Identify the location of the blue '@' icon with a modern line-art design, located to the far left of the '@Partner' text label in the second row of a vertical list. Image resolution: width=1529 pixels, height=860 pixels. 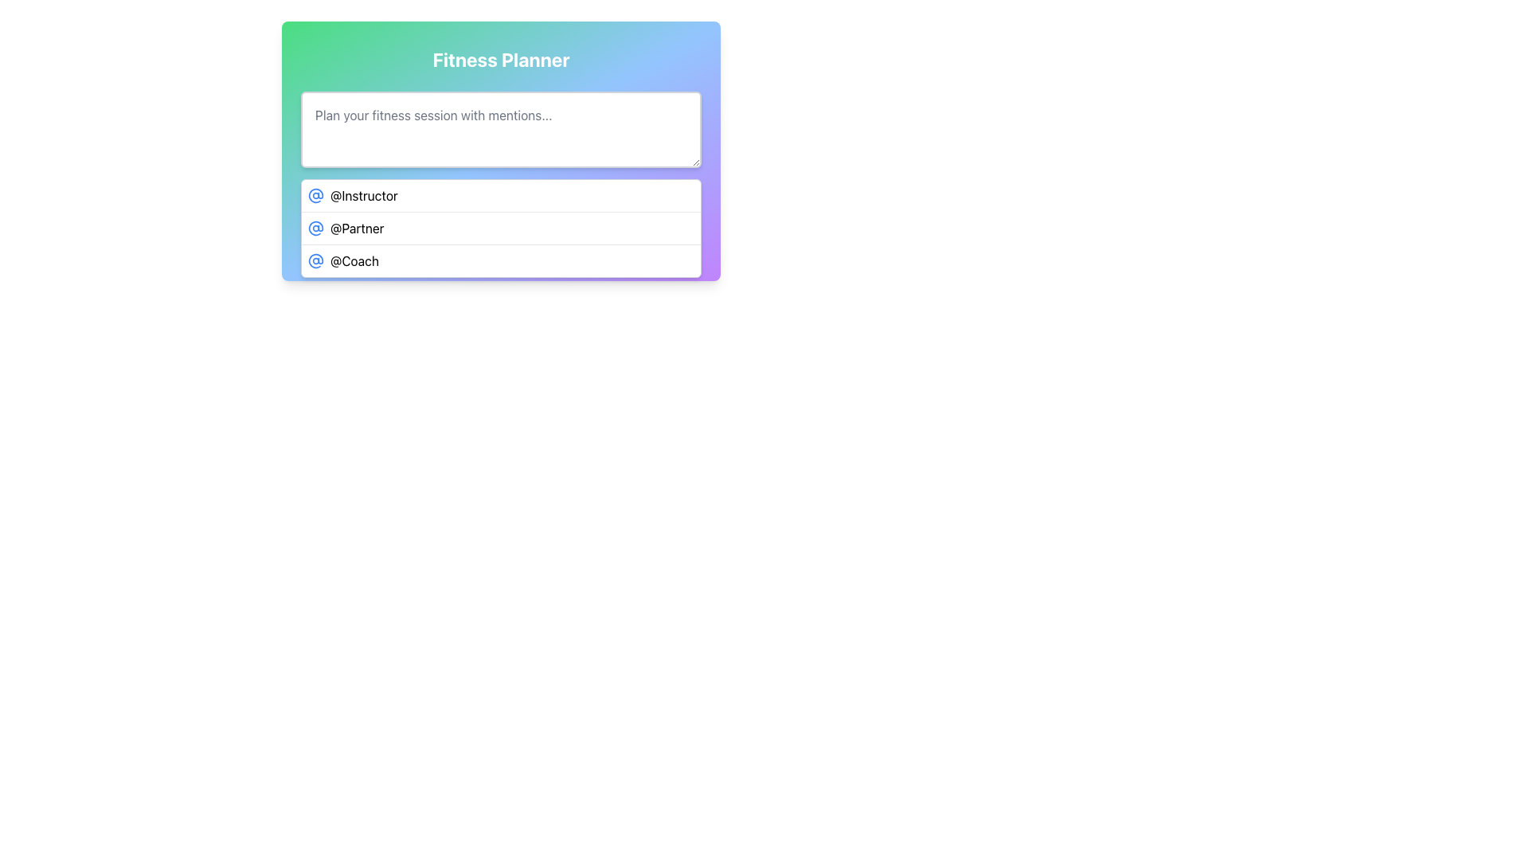
(316, 228).